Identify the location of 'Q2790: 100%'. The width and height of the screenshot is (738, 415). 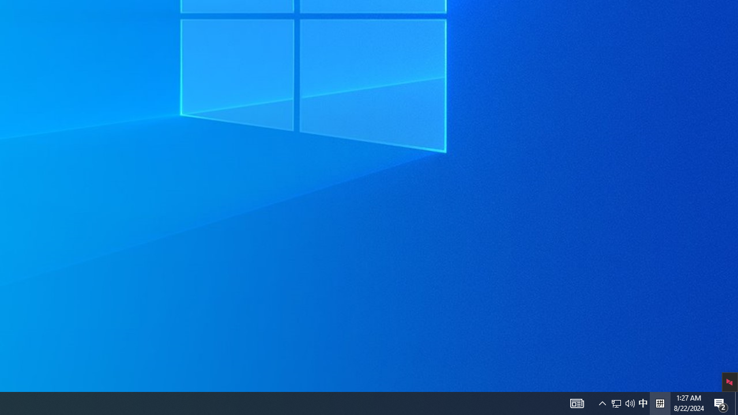
(642, 402).